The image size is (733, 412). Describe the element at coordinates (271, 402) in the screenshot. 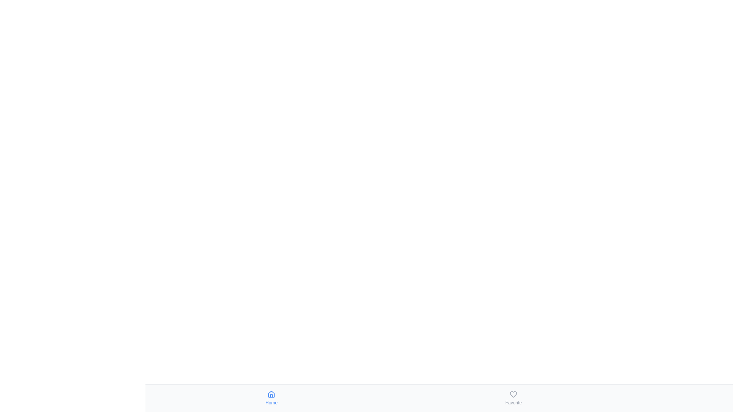

I see `the label of the navigation item Home` at that location.